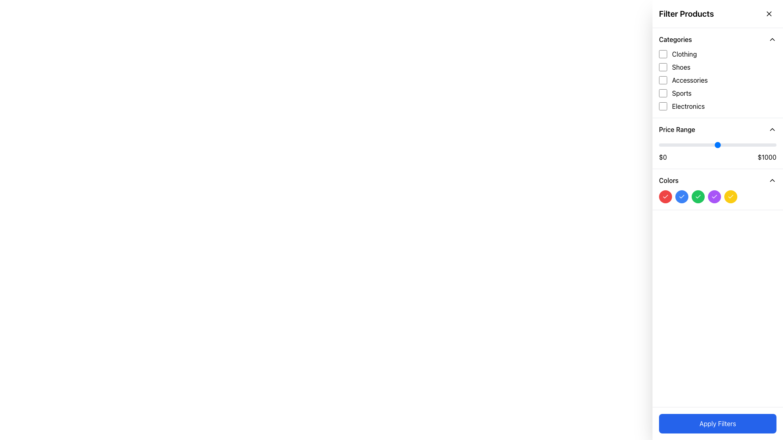 The width and height of the screenshot is (783, 440). I want to click on the small circular button with a black 'X' icon located in the upper-right corner of the header section titled 'Filter Products.', so click(769, 14).